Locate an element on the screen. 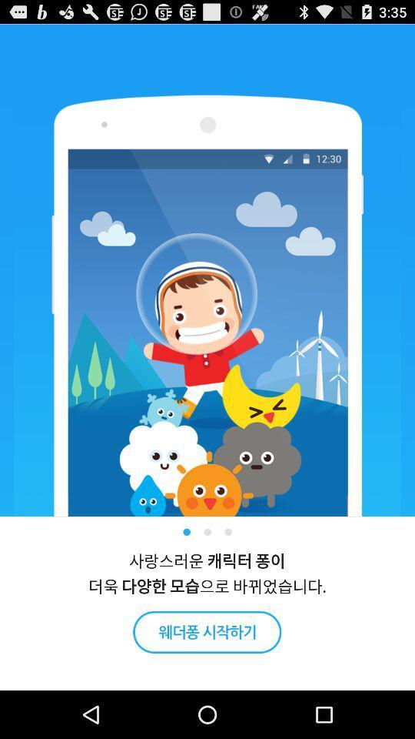  the book icon is located at coordinates (207, 676).